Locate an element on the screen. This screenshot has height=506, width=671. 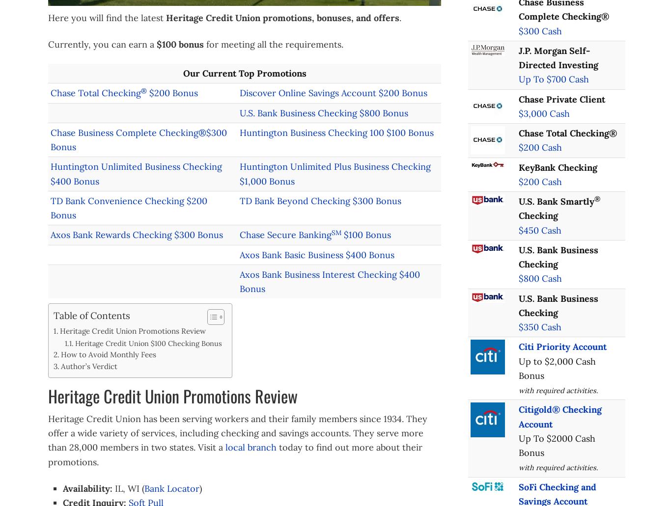
'Currently, you can earn a' is located at coordinates (102, 44).